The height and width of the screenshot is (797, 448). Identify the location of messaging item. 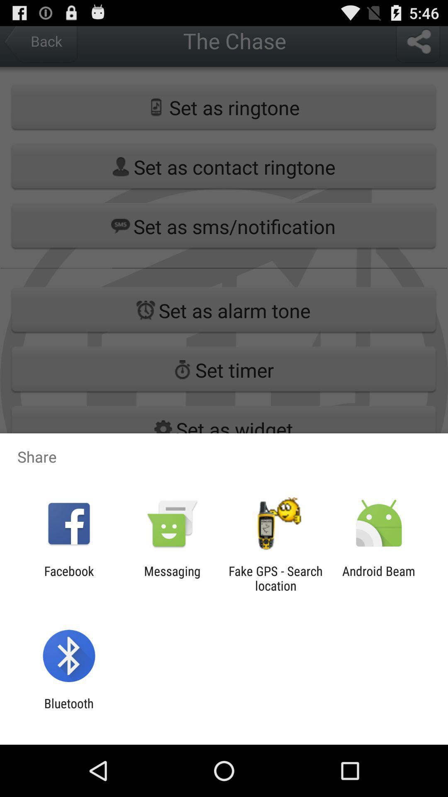
(172, 578).